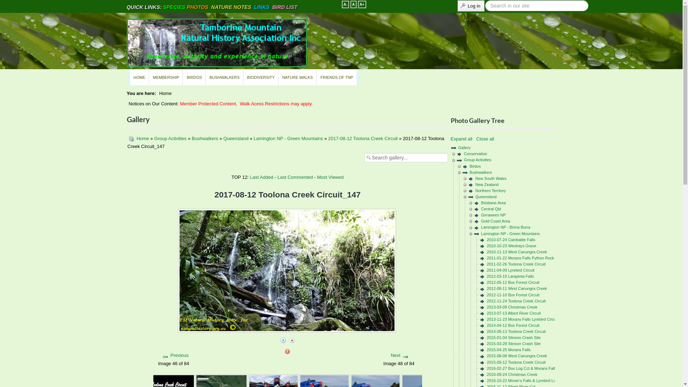  What do you see at coordinates (512, 306) in the screenshot?
I see `'2013-03-09 Christmas Creek'` at bounding box center [512, 306].